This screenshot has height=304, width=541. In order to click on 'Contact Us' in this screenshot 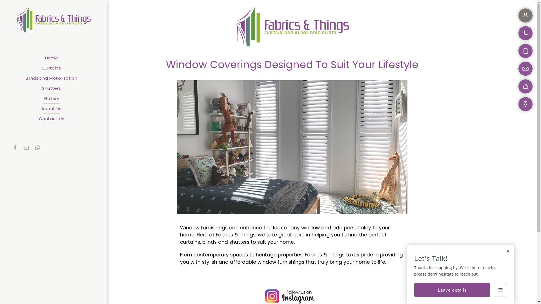, I will do `click(11, 118)`.